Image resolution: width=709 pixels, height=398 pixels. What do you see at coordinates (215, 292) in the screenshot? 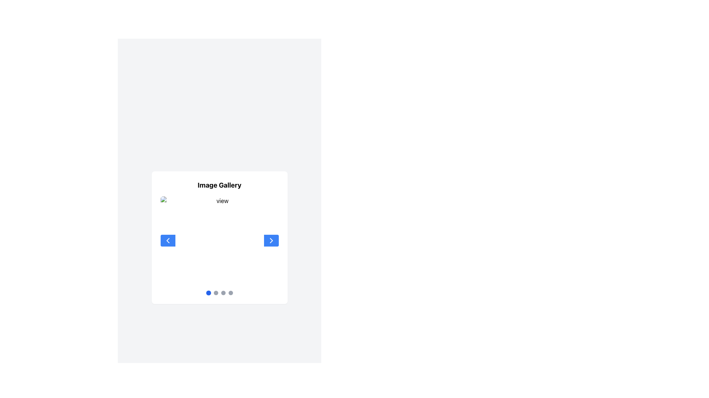
I see `the second circular navigation indicator, which is gray and located at the bottom center of the content box` at bounding box center [215, 292].